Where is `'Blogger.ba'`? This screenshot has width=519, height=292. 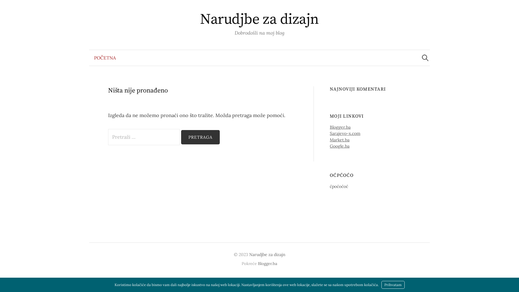
'Blogger.ba' is located at coordinates (258, 263).